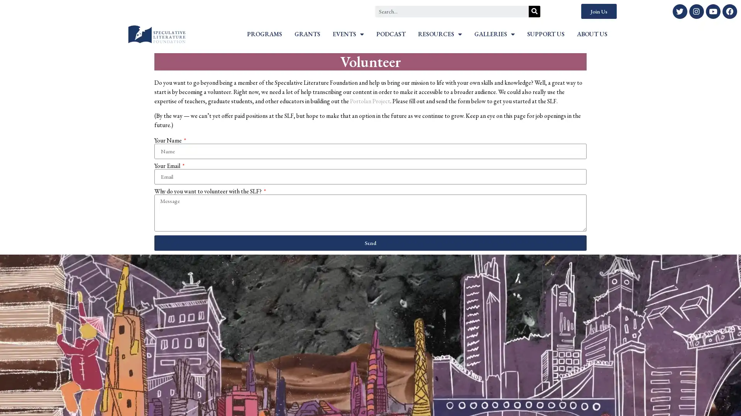  What do you see at coordinates (534, 11) in the screenshot?
I see `Search` at bounding box center [534, 11].